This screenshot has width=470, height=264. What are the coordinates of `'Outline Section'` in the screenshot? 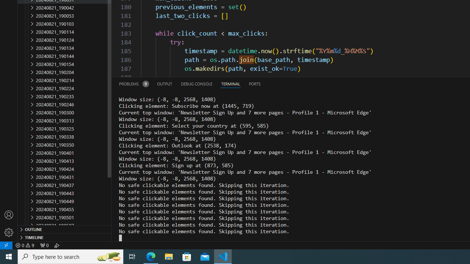 It's located at (65, 228).